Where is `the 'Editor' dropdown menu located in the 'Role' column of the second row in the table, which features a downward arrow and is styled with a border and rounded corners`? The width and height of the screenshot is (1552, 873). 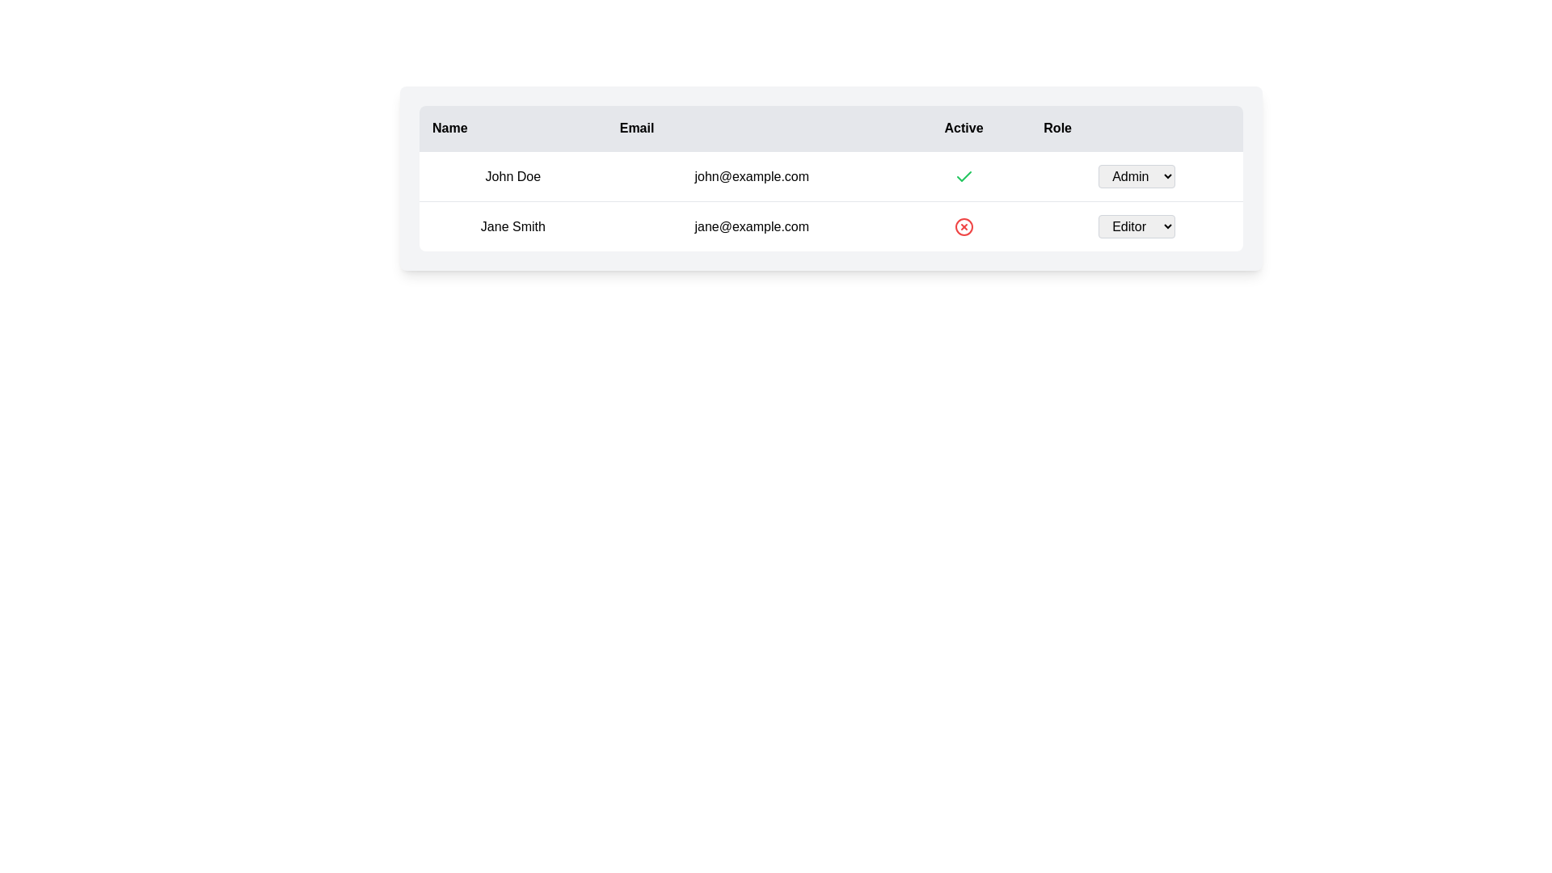 the 'Editor' dropdown menu located in the 'Role' column of the second row in the table, which features a downward arrow and is styled with a border and rounded corners is located at coordinates (1136, 226).